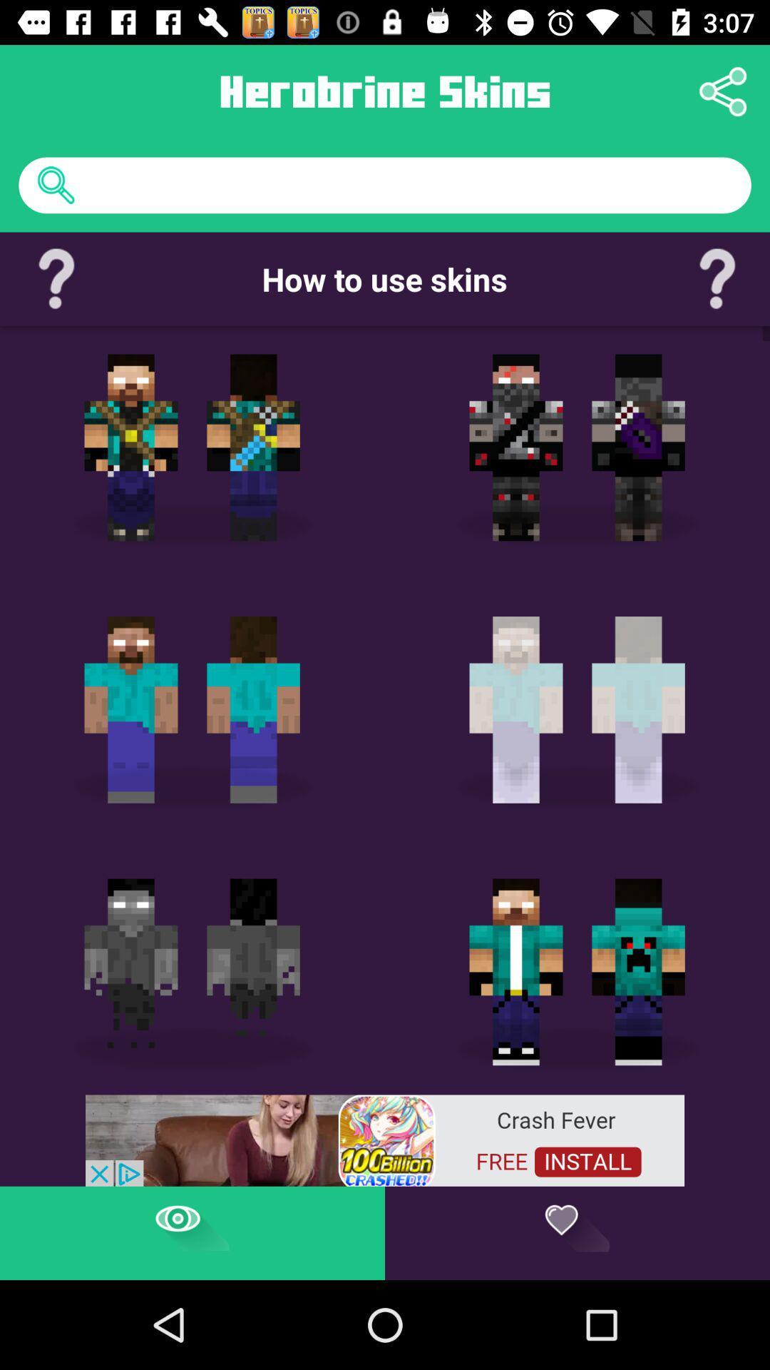  What do you see at coordinates (723, 91) in the screenshot?
I see `the share icon` at bounding box center [723, 91].